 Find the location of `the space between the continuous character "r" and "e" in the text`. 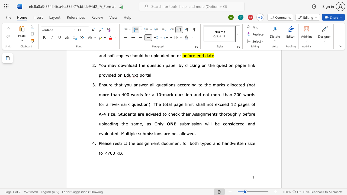

the space between the continuous character "r" and "e" in the text is located at coordinates (114, 143).